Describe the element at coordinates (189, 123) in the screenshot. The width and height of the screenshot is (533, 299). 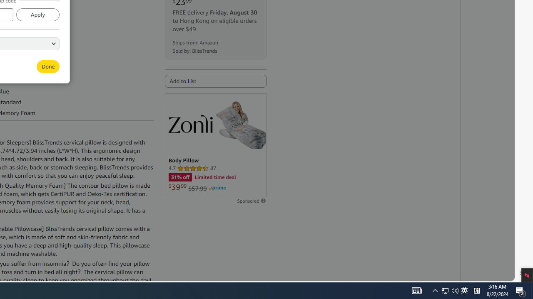
I see `'Logo'` at that location.